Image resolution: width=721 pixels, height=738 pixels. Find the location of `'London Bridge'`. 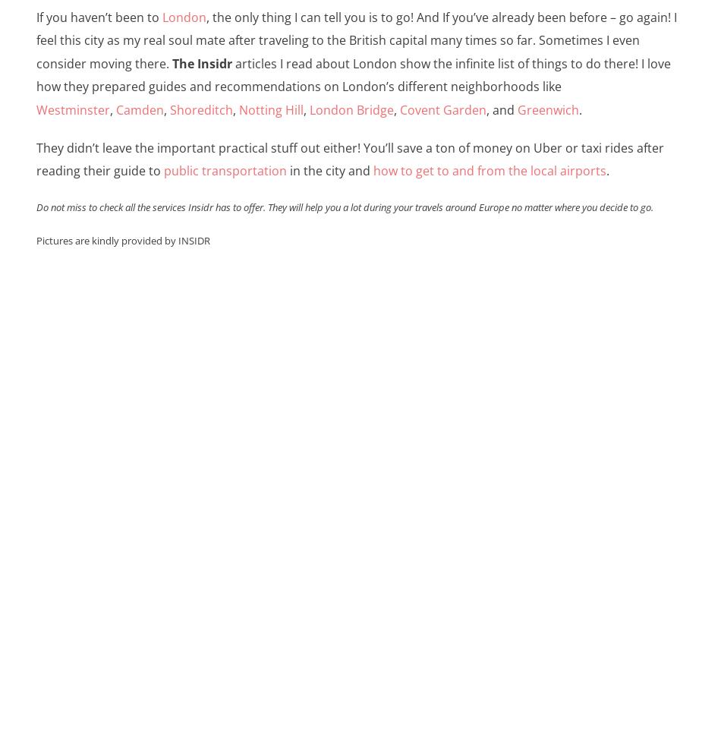

'London Bridge' is located at coordinates (350, 109).